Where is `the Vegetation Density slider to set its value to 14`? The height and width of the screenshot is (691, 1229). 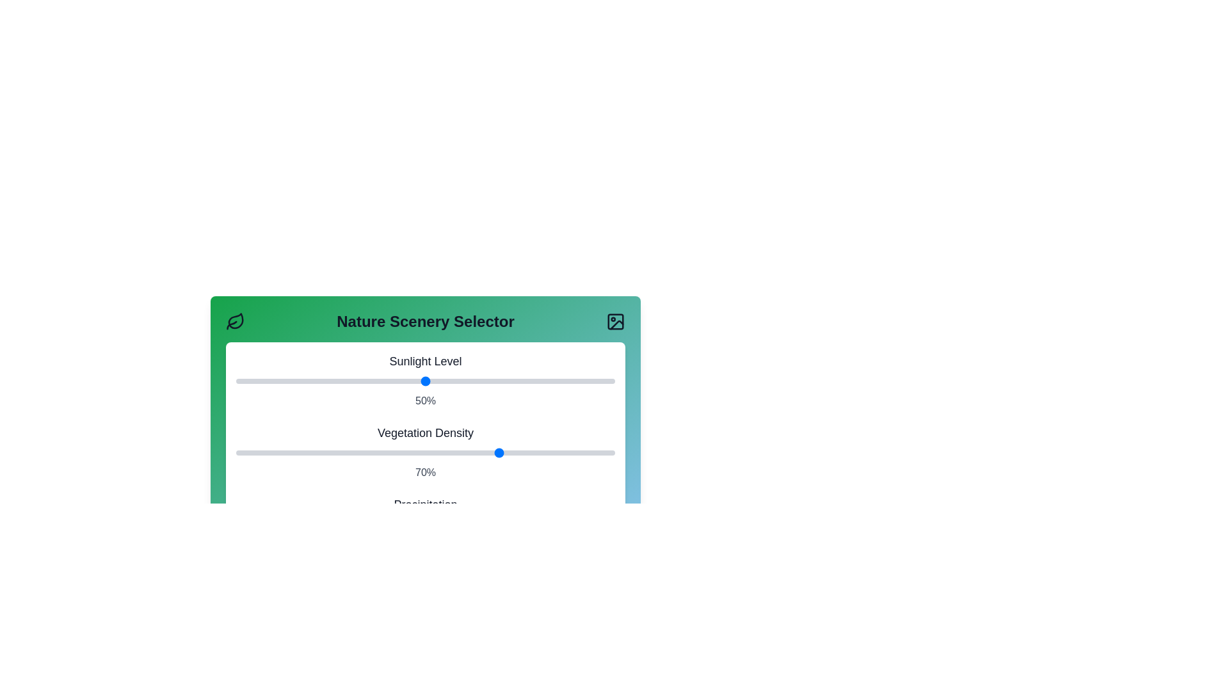 the Vegetation Density slider to set its value to 14 is located at coordinates (288, 452).